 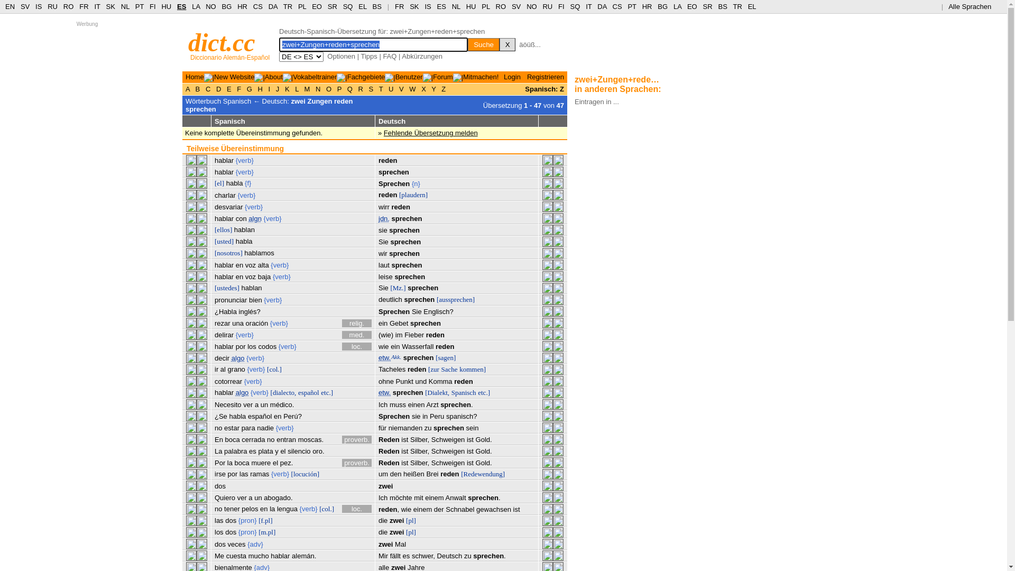 What do you see at coordinates (385, 335) in the screenshot?
I see `'(wie)'` at bounding box center [385, 335].